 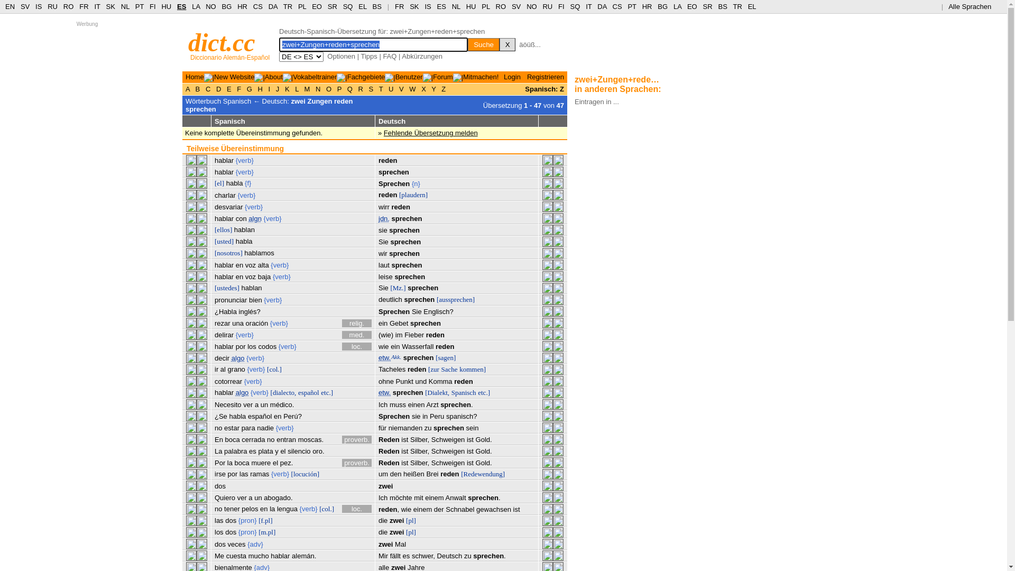 What do you see at coordinates (385, 335) in the screenshot?
I see `'(wie)'` at bounding box center [385, 335].